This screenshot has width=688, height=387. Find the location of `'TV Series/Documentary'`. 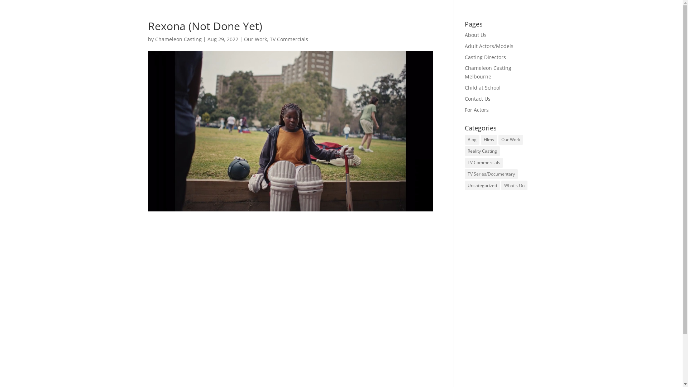

'TV Series/Documentary' is located at coordinates (491, 174).